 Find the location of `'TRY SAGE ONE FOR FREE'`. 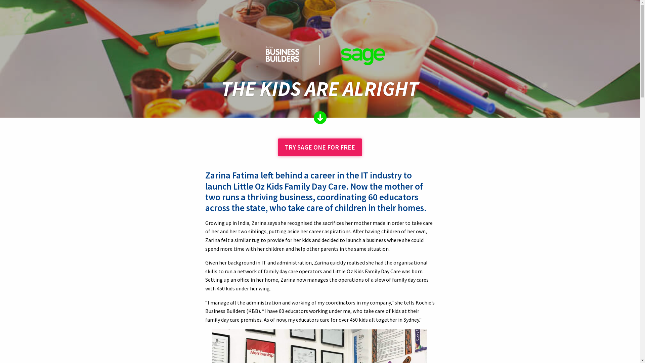

'TRY SAGE ONE FOR FREE' is located at coordinates (319, 147).